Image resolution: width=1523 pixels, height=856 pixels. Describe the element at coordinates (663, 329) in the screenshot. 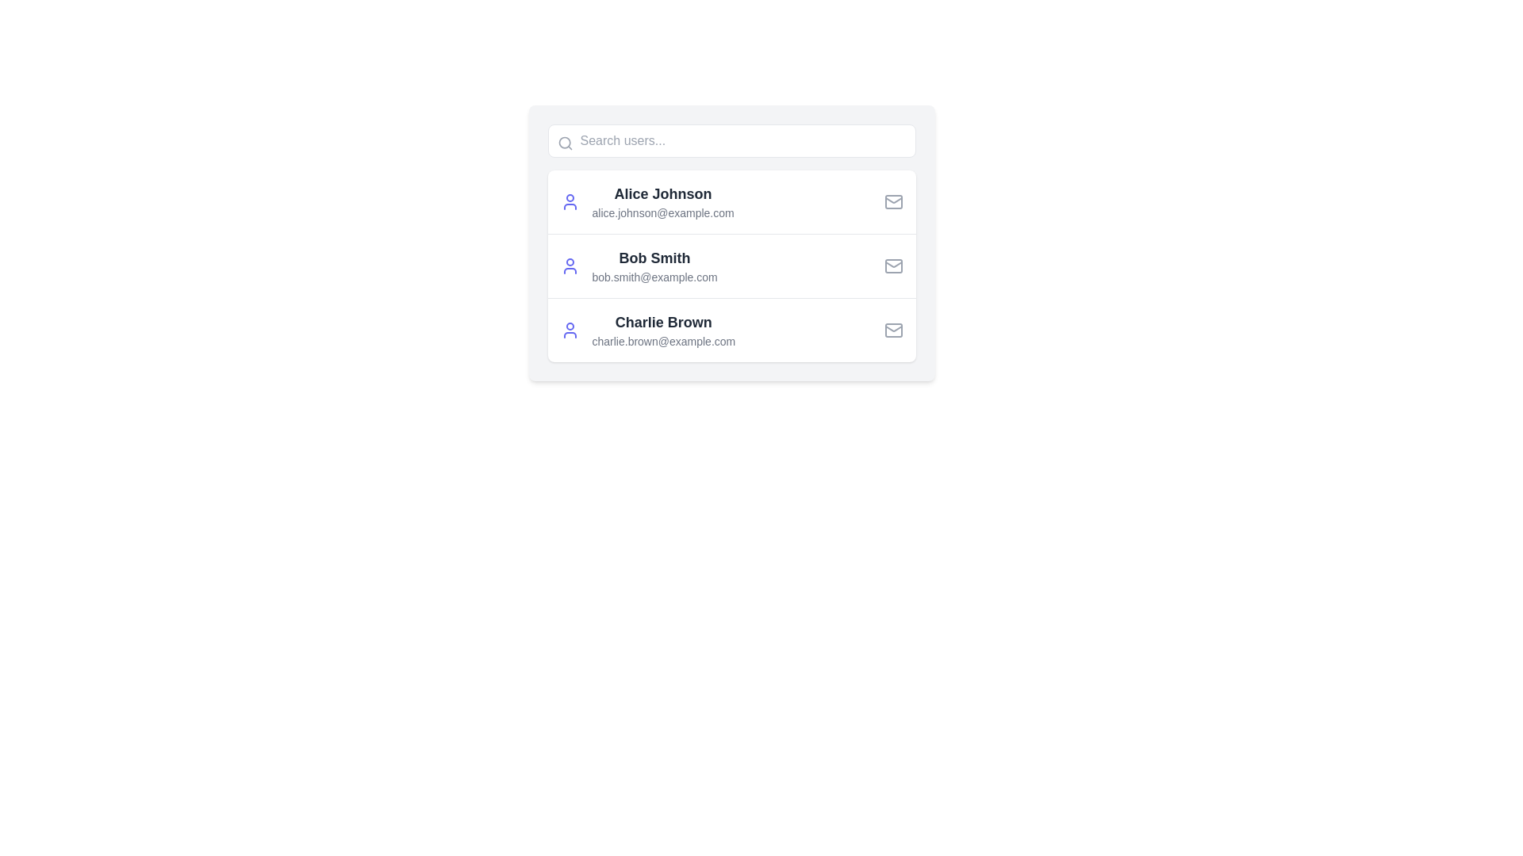

I see `the text block displaying the user's name and email, which is located in the third card of a vertical list, positioned to the right of the profile icon and to the left of the email icon` at that location.